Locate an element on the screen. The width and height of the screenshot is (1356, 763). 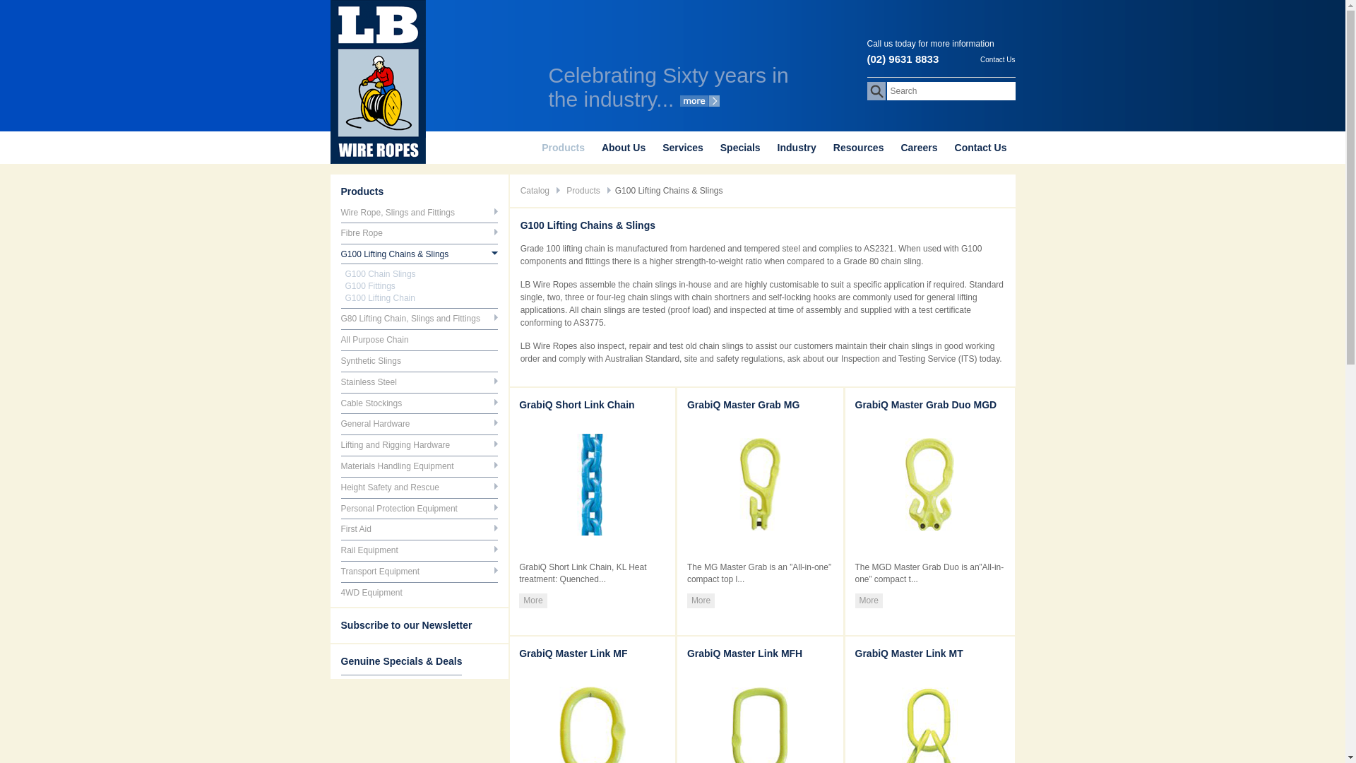
'Careers' is located at coordinates (918, 147).